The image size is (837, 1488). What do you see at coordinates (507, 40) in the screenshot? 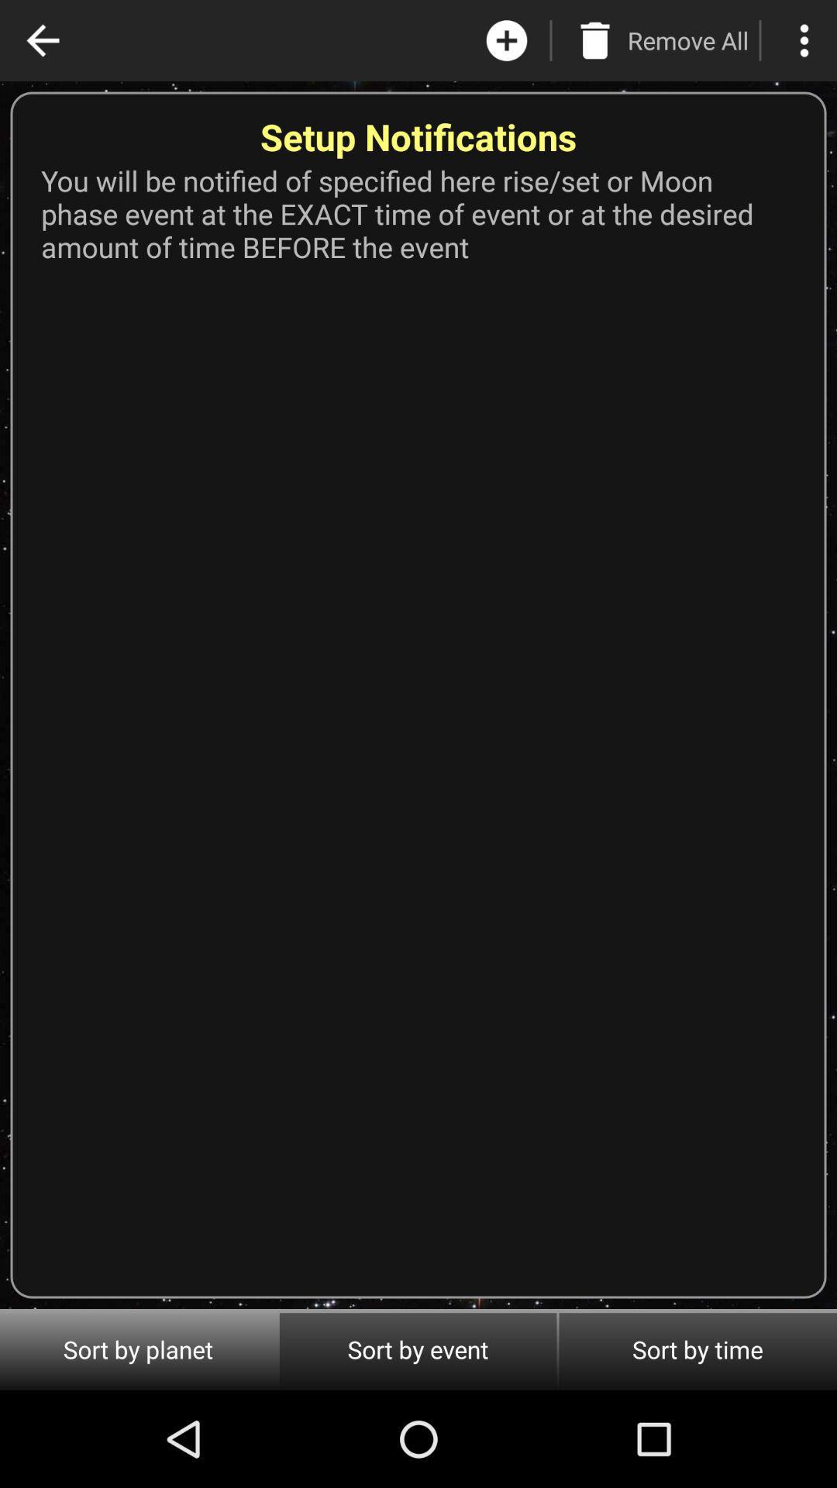
I see `event` at bounding box center [507, 40].